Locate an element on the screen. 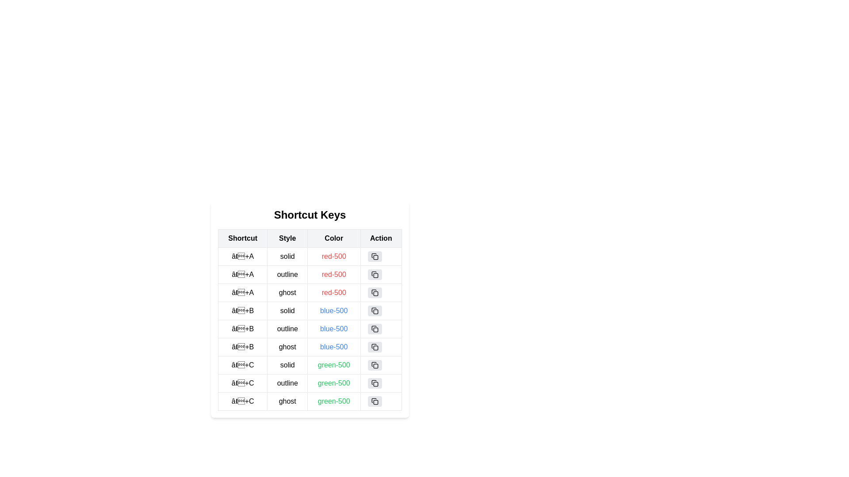 The width and height of the screenshot is (849, 477). the copy icon located in the 'Action' column of the row corresponding to the 'ghost' style and 'red-500' color in the table is located at coordinates (375, 293).